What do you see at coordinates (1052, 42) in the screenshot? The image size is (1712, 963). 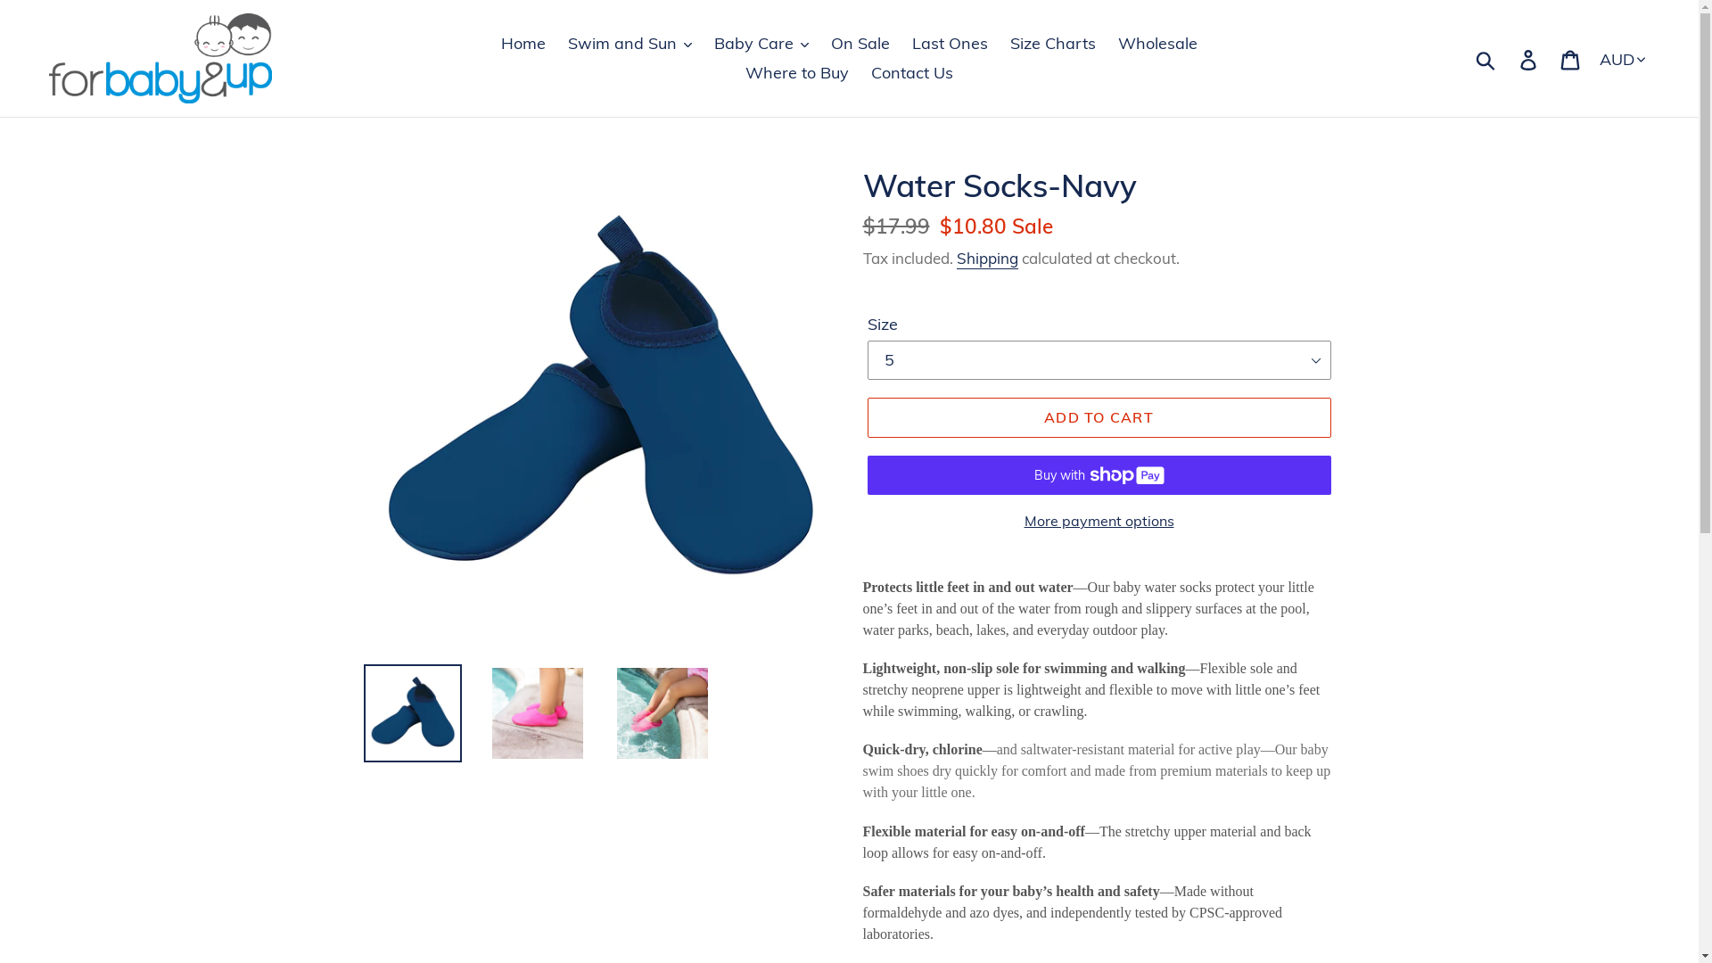 I see `'Size Charts'` at bounding box center [1052, 42].